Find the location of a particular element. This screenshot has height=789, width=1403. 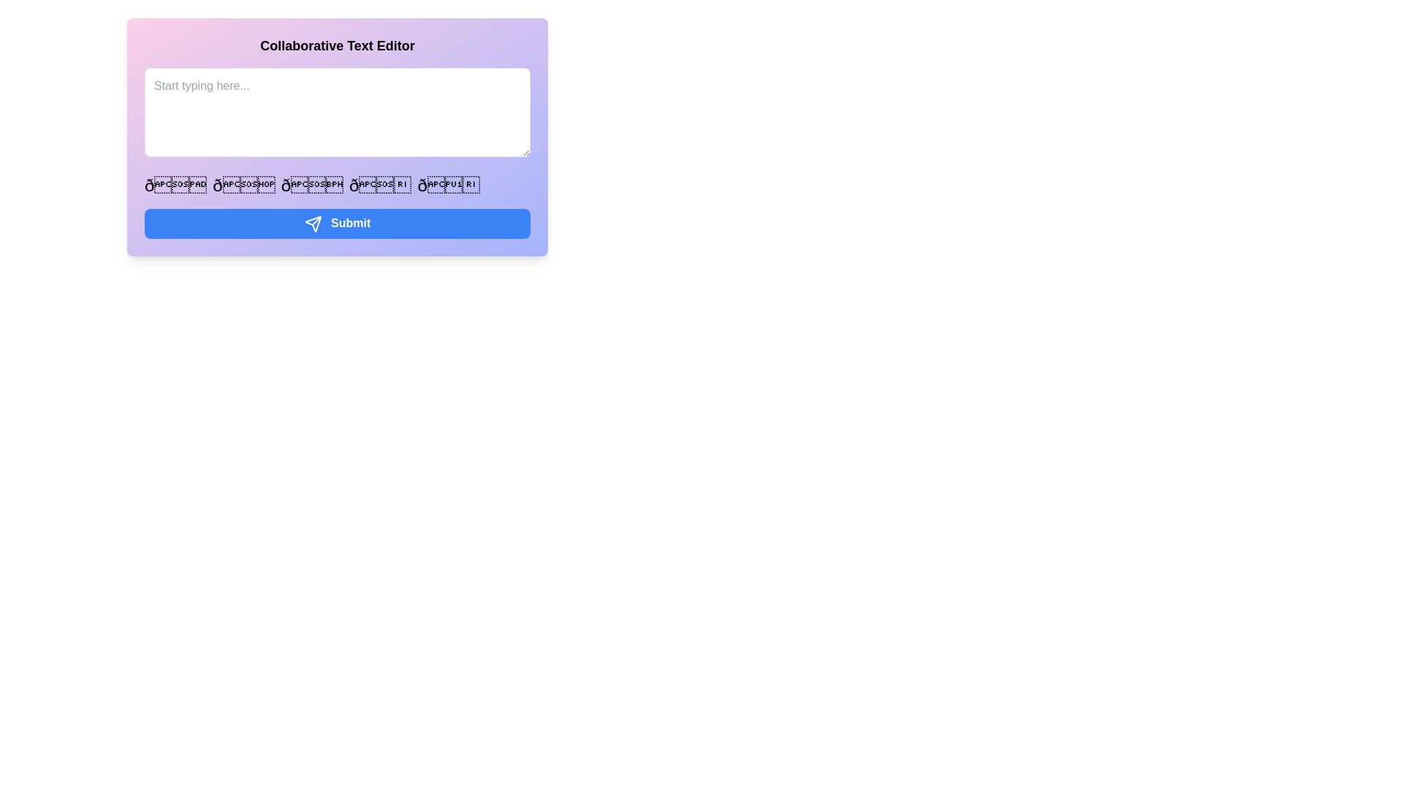

to select the first interactive emoji symbol ('😀') in the horizontal list of emoji items, which is visually distinct due to its vibrant coloring and larger font size is located at coordinates (175, 185).